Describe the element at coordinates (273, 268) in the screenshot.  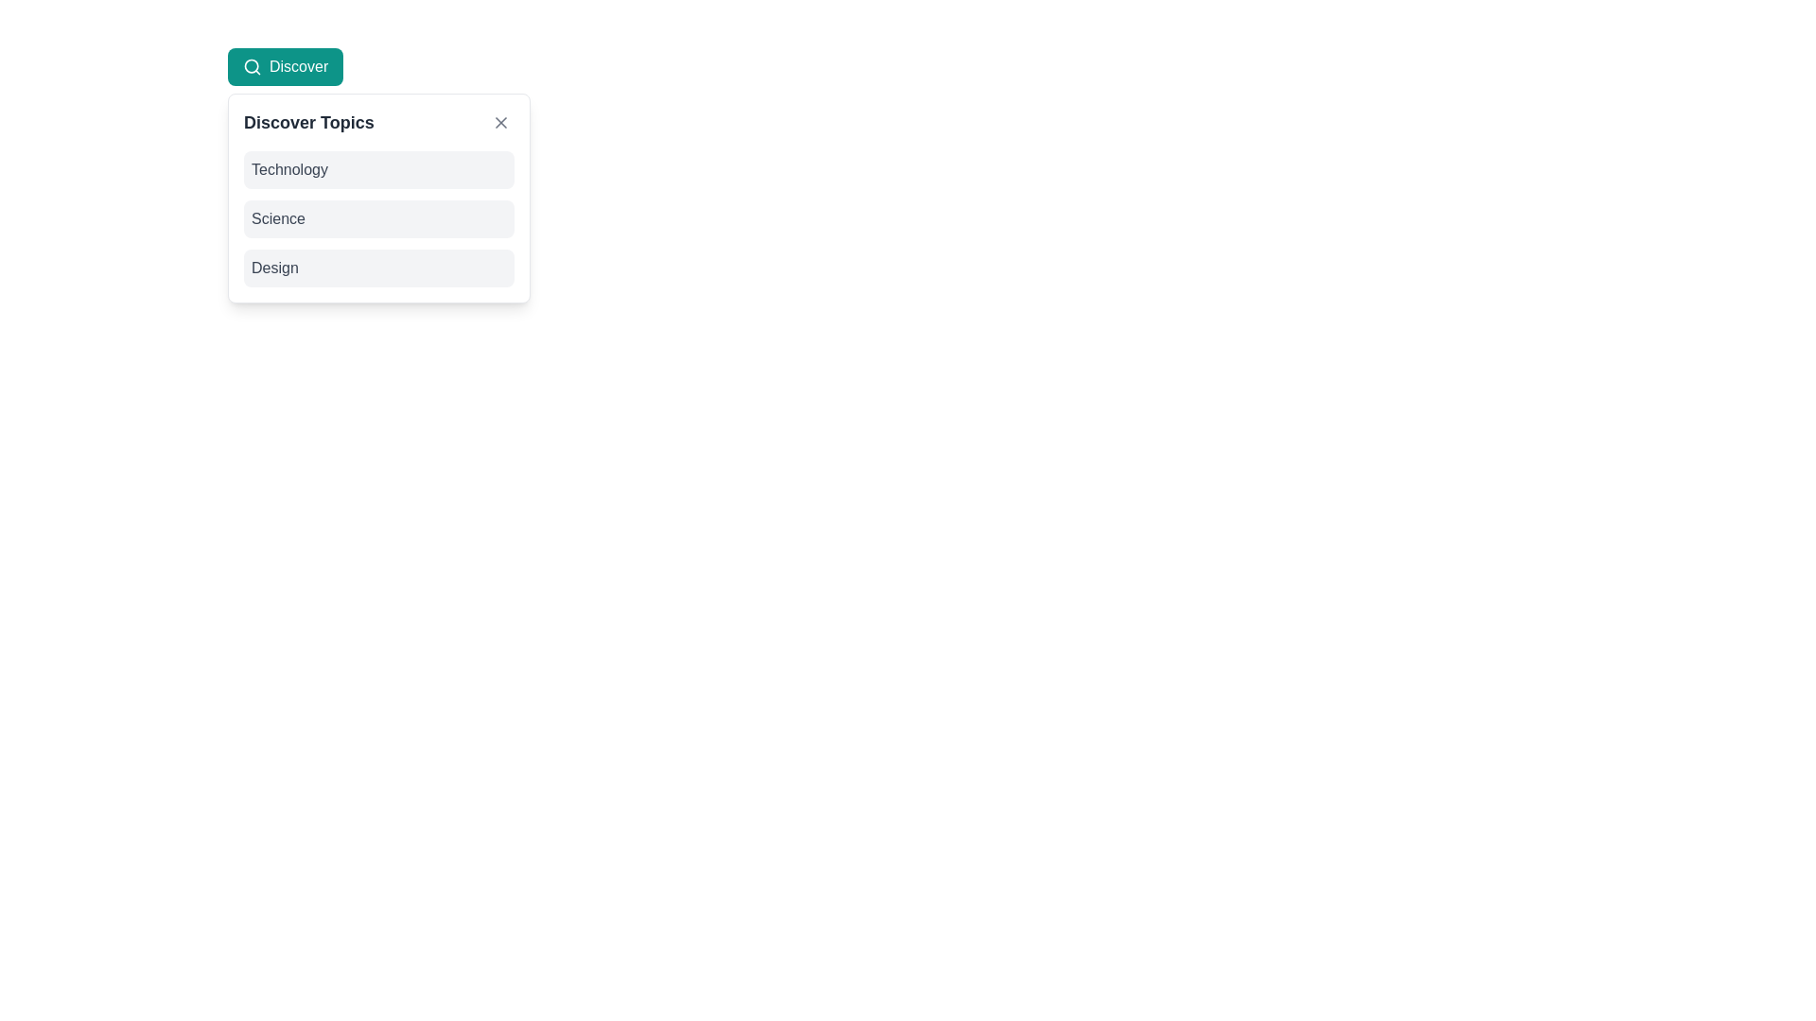
I see `the text label displaying 'Design' located within the 'Discover Topics' panel, positioned between 'Science' and the bottom margin` at that location.